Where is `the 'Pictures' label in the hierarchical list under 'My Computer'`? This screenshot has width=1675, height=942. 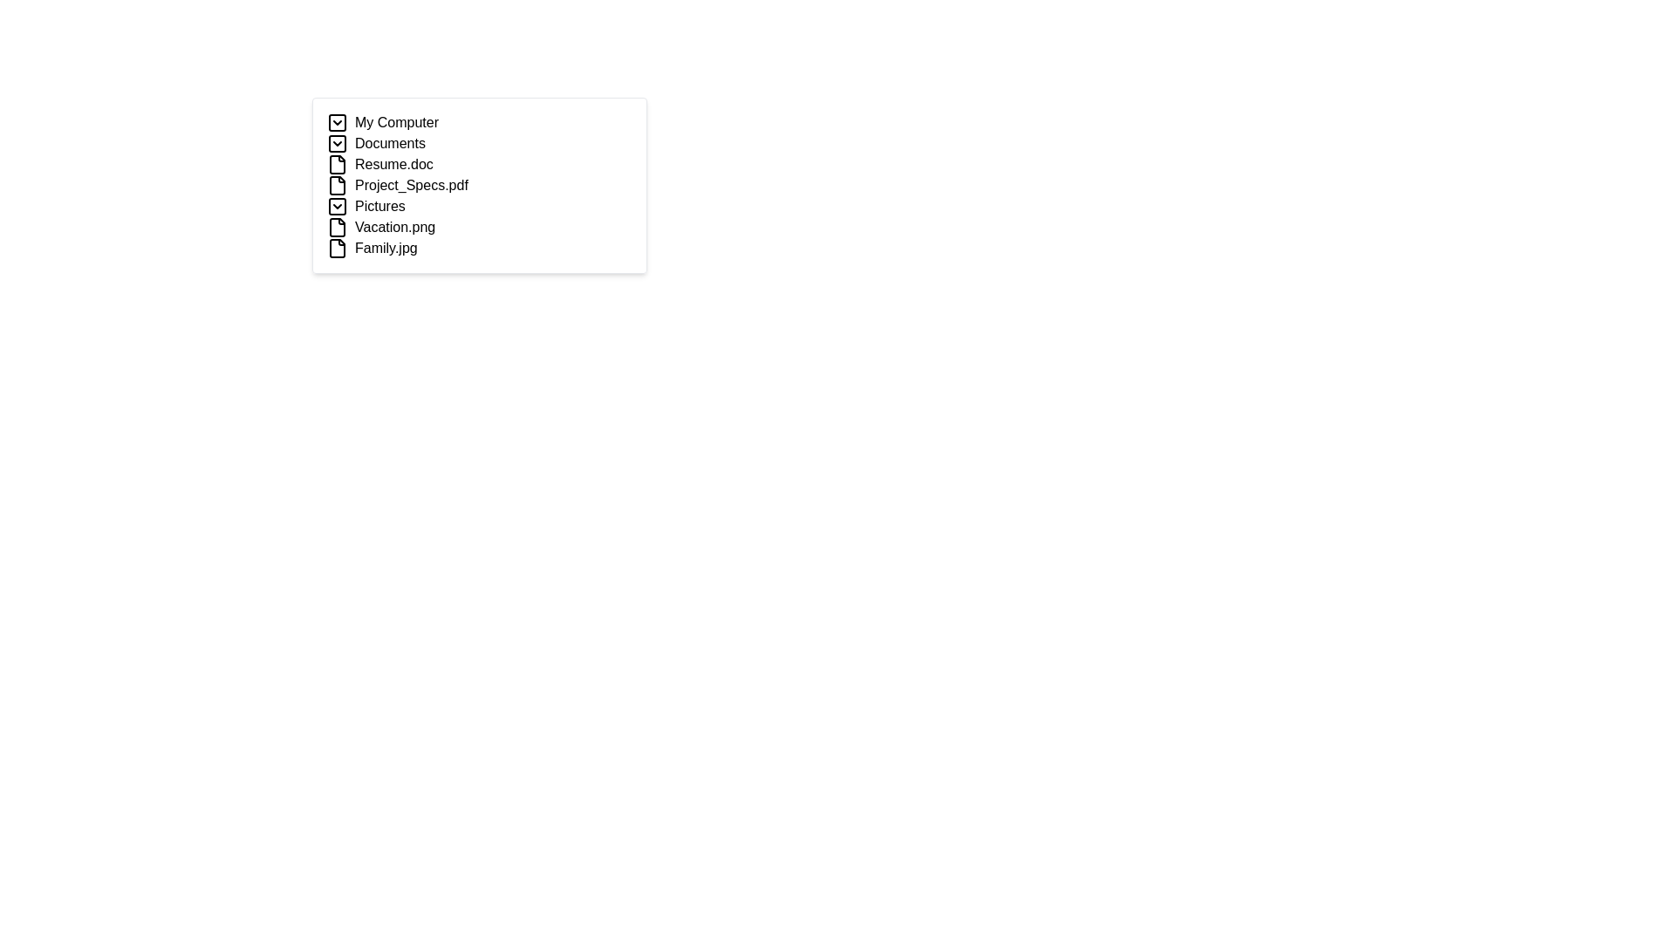
the 'Pictures' label in the hierarchical list under 'My Computer' is located at coordinates (379, 205).